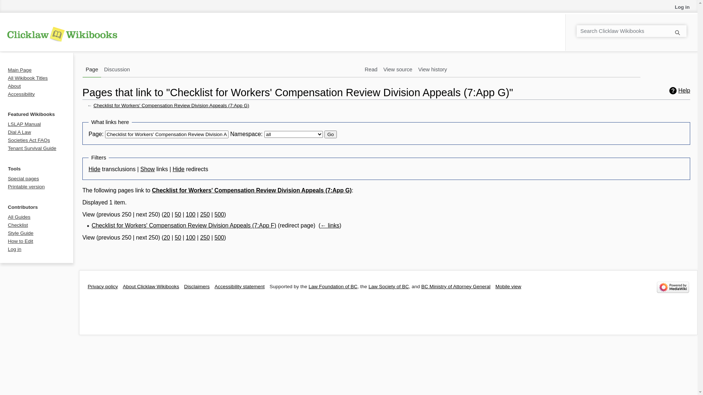 The height and width of the screenshot is (395, 703). Describe the element at coordinates (205, 237) in the screenshot. I see `'250'` at that location.